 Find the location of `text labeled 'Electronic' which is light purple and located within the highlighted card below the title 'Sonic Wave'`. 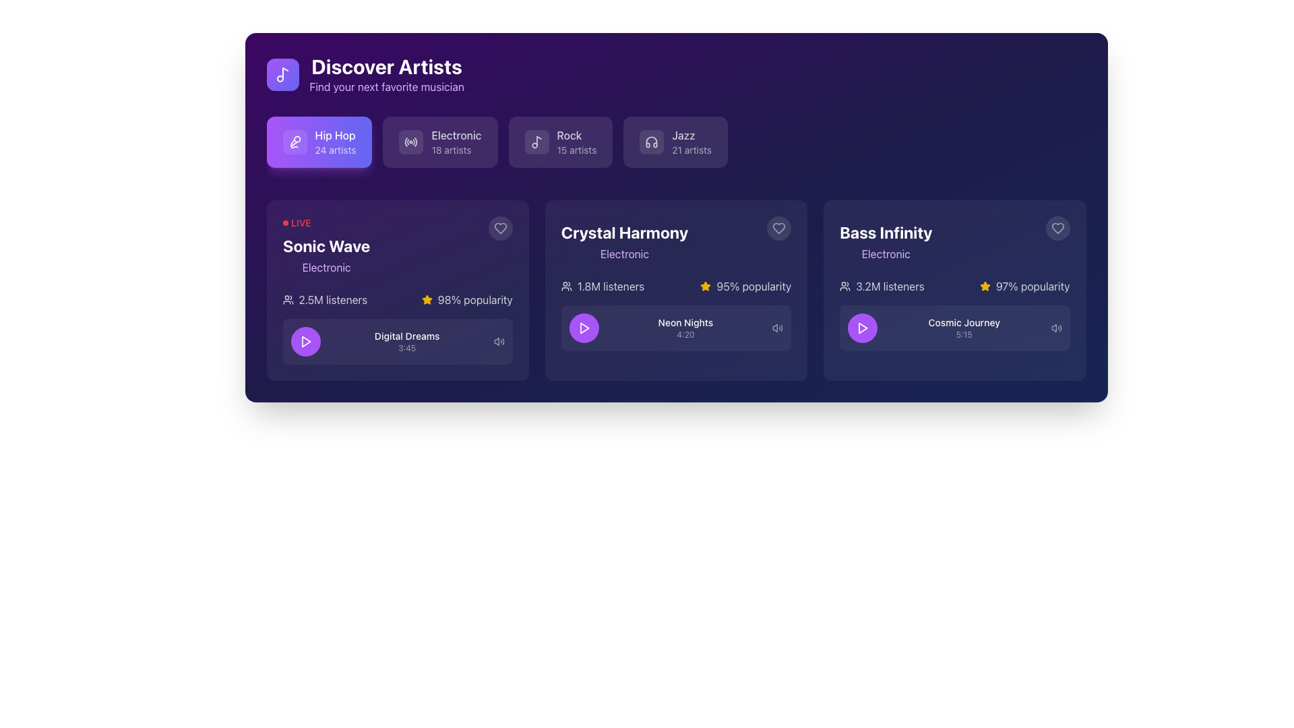

text labeled 'Electronic' which is light purple and located within the highlighted card below the title 'Sonic Wave' is located at coordinates (326, 268).